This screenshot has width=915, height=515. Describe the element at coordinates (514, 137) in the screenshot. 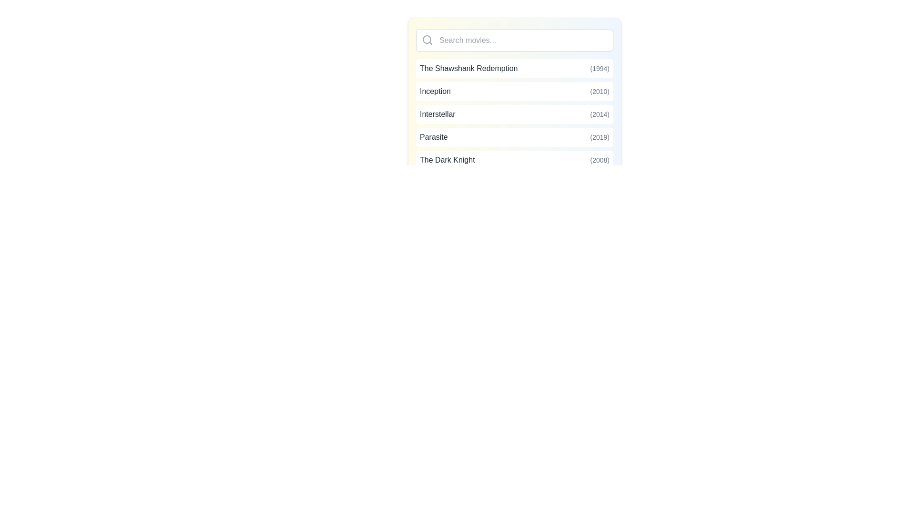

I see `the fourth movie item in the list, which is located between 'Interstellar (2014)' and 'The Dark Knight (2008)'` at that location.